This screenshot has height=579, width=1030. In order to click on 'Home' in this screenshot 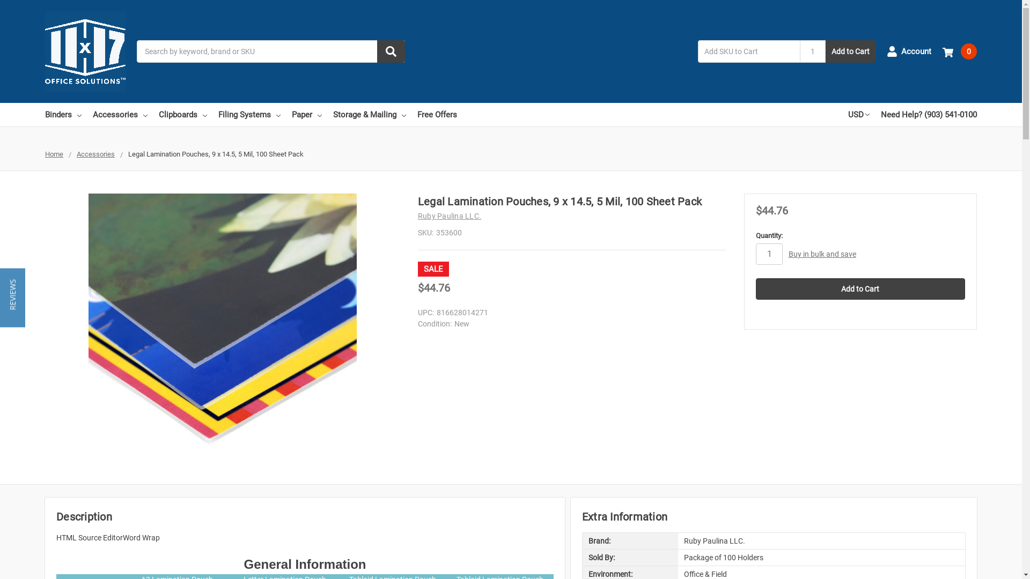, I will do `click(53, 154)`.